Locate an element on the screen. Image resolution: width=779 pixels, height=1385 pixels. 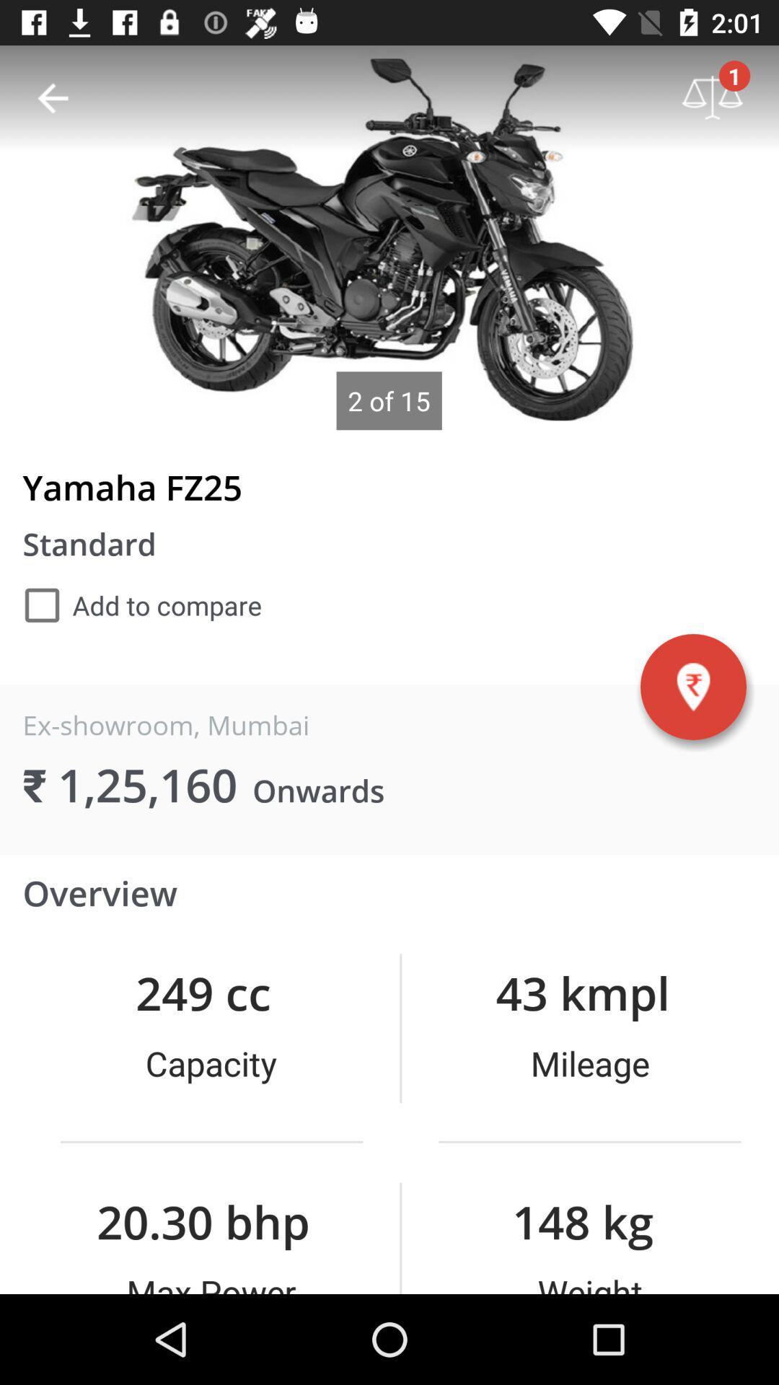
the icon to the right of the ex-showroom, mumbai item is located at coordinates (692, 686).